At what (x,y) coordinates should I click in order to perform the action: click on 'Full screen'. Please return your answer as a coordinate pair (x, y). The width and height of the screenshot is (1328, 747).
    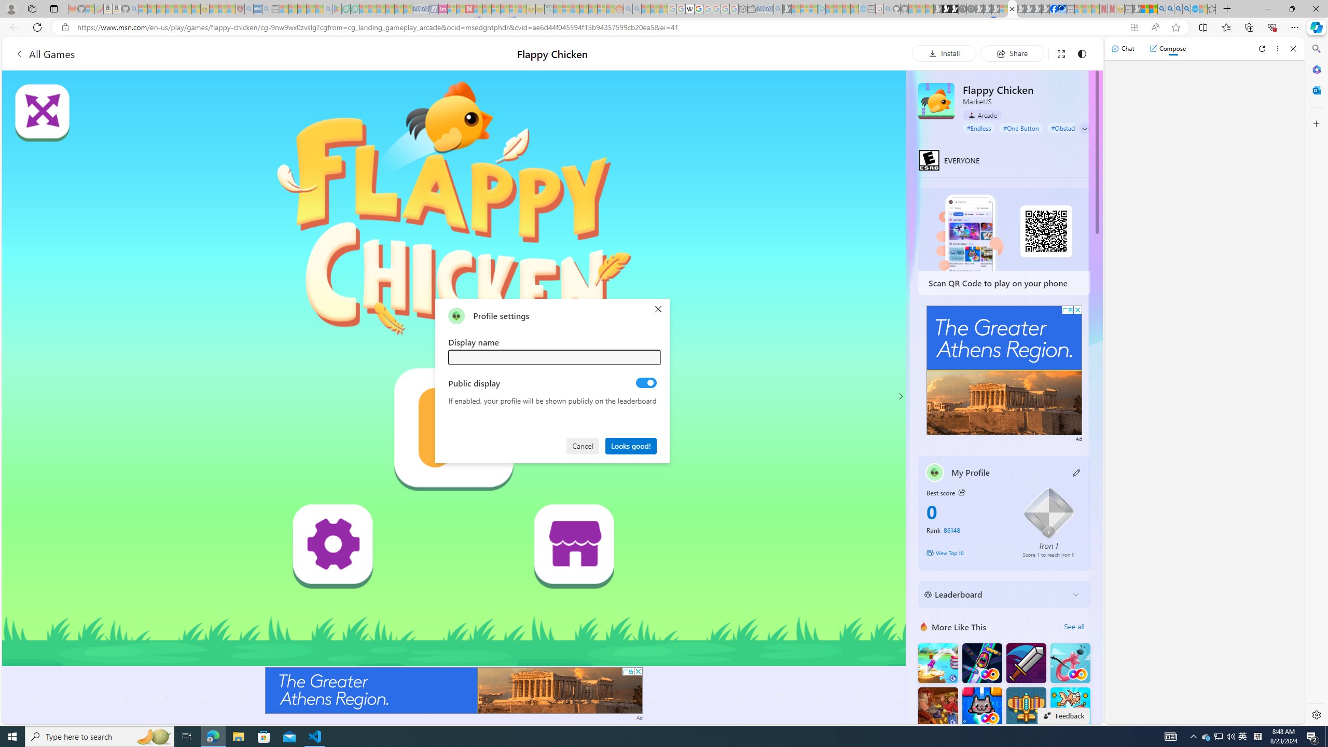
    Looking at the image, I should click on (1061, 53).